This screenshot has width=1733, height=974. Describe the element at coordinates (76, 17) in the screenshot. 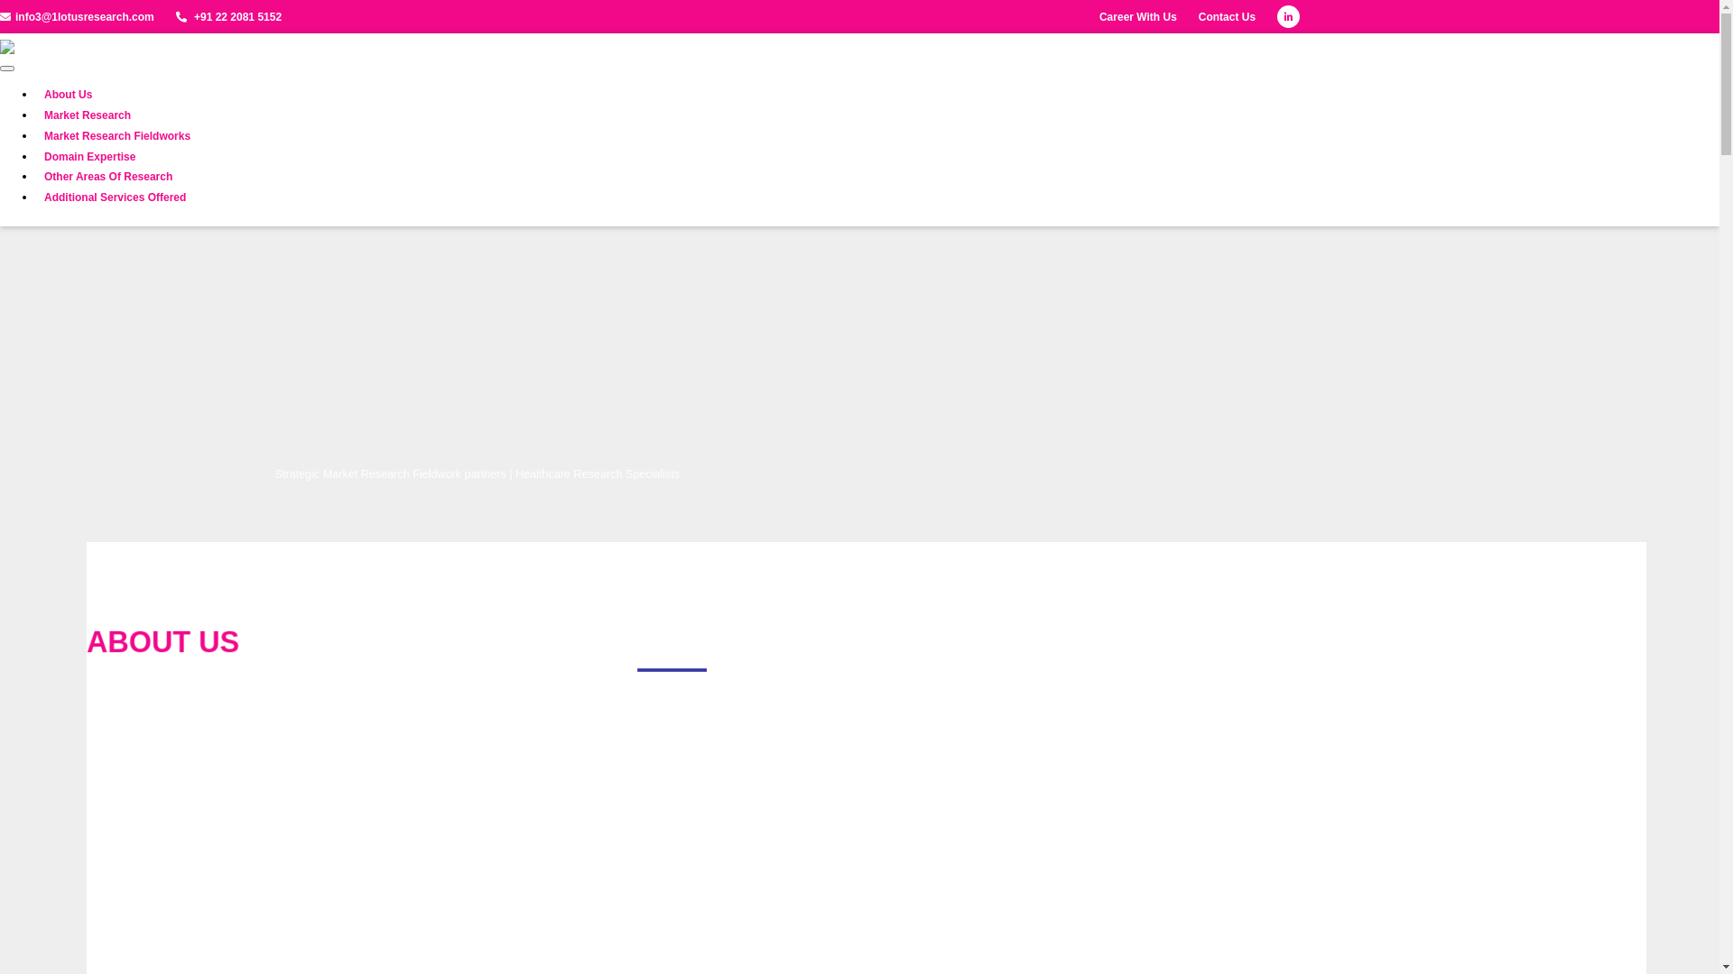

I see `'info3@1lotusresearch.com'` at that location.